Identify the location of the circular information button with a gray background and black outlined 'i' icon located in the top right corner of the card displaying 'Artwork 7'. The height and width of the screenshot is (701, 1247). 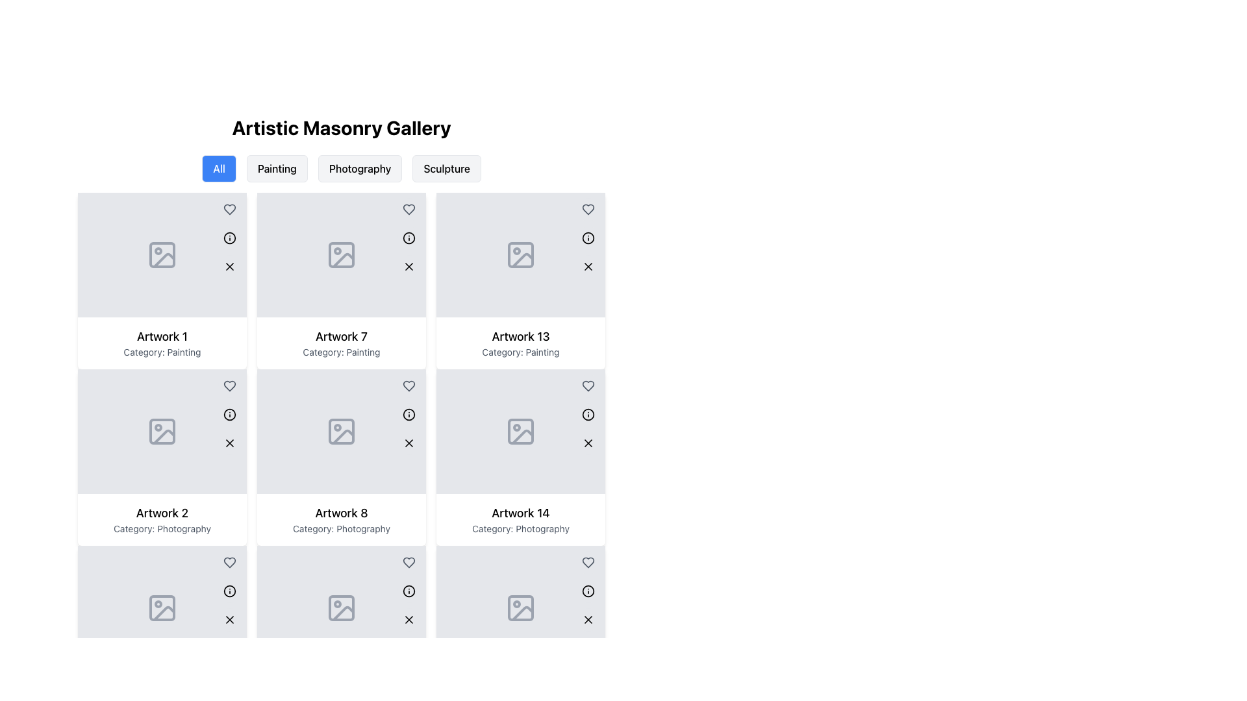
(408, 238).